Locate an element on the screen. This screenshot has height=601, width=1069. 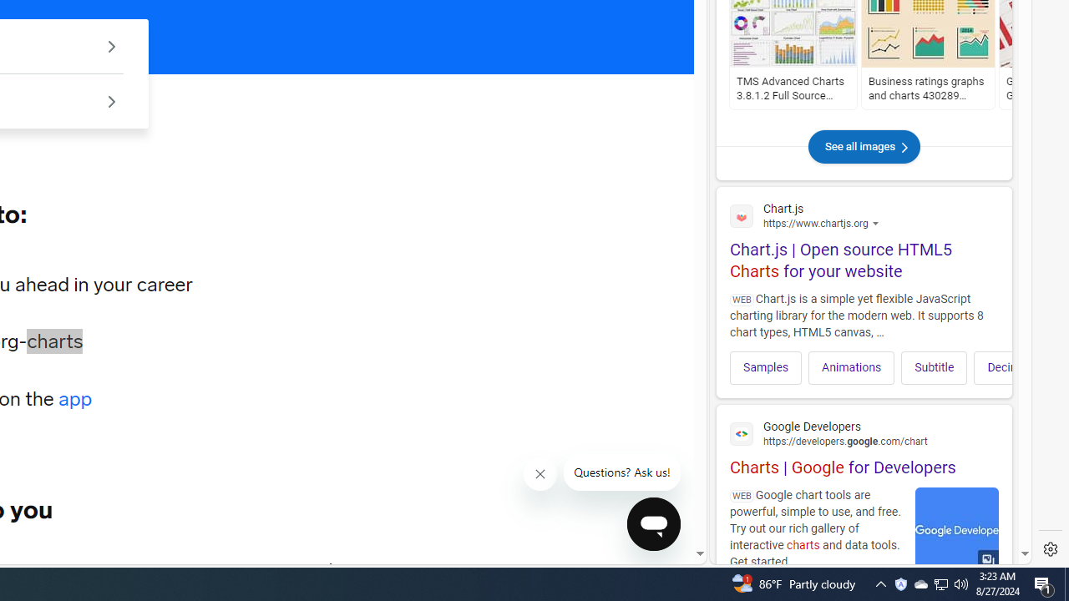
'Class: sc-1k07fow-1 cbnSms' is located at coordinates (652, 523).